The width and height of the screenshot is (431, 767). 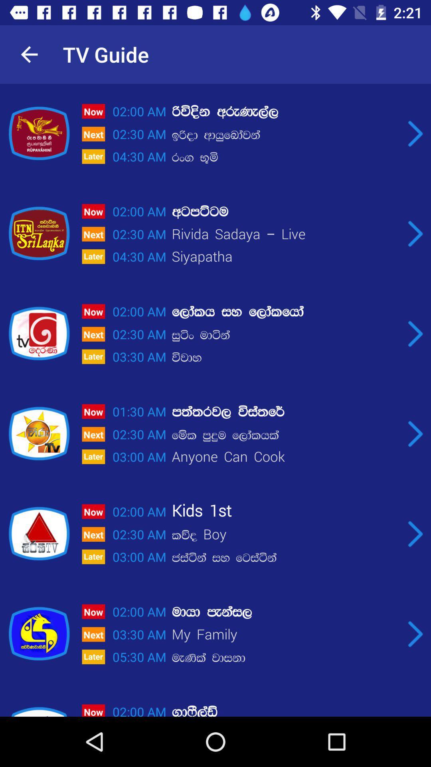 What do you see at coordinates (29, 54) in the screenshot?
I see `item next to the tv guide icon` at bounding box center [29, 54].